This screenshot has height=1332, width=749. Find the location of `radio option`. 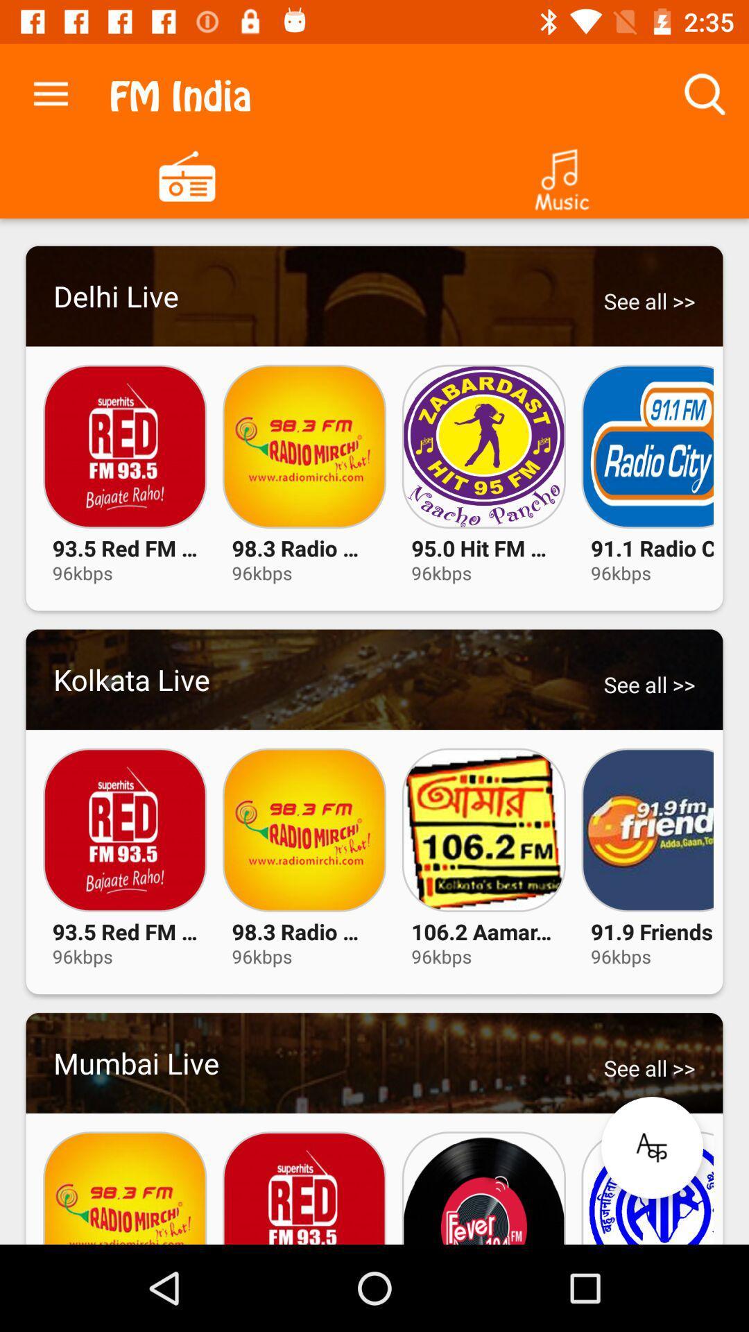

radio option is located at coordinates (187, 174).